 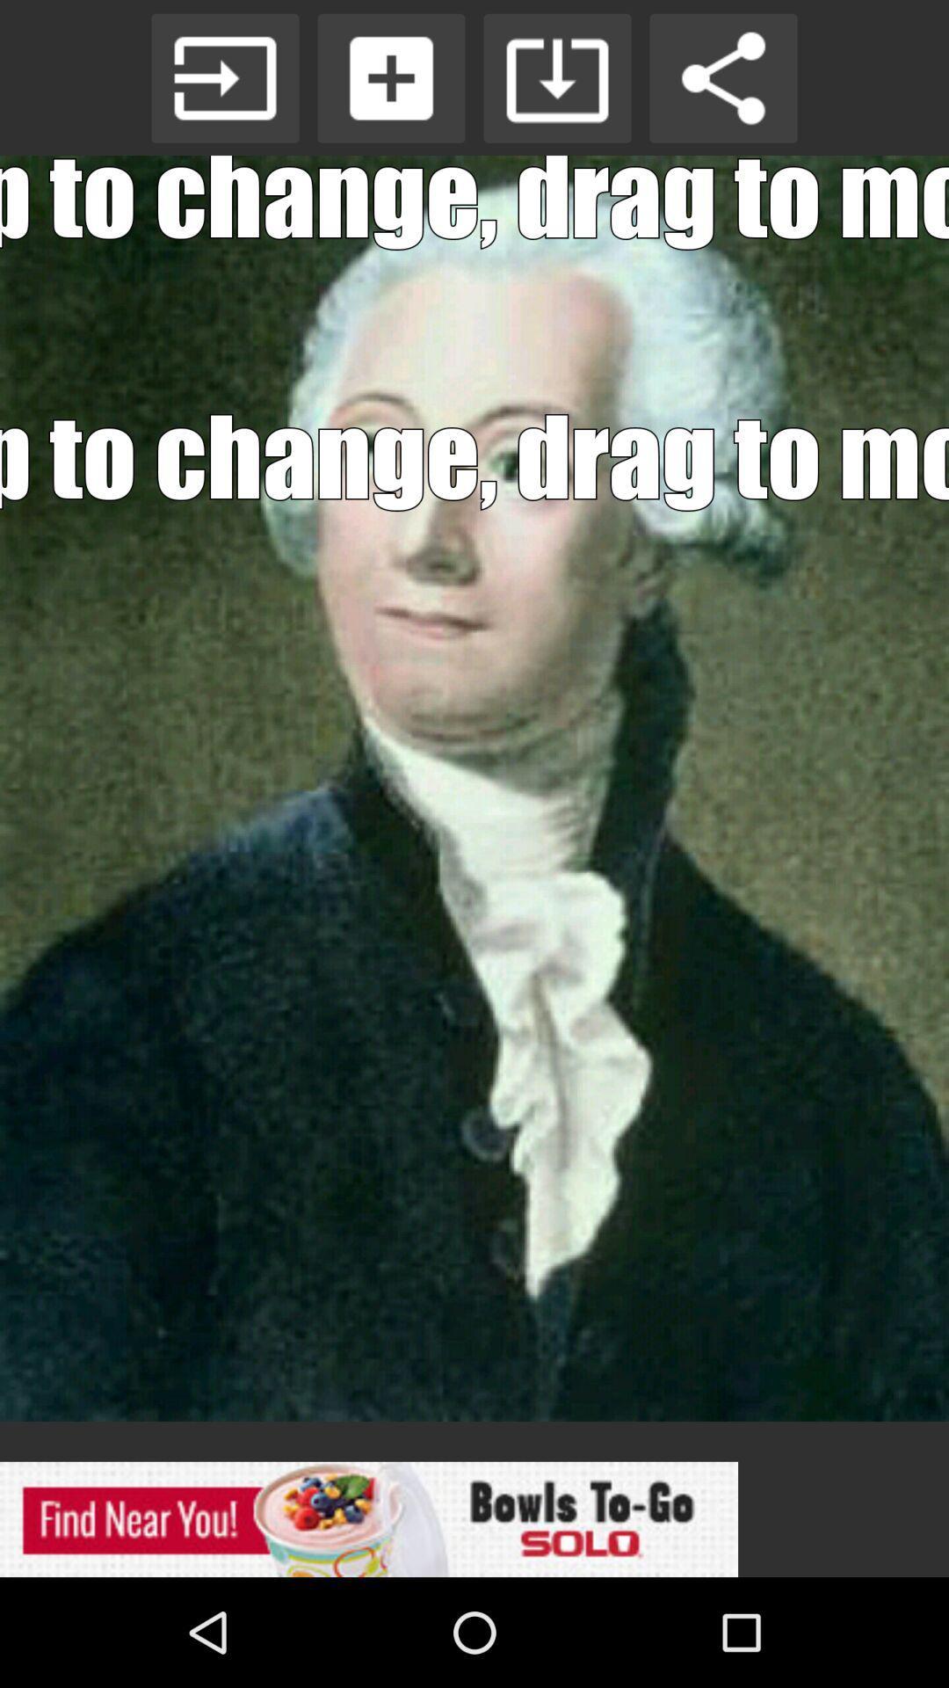 What do you see at coordinates (390, 77) in the screenshot?
I see `the add icon` at bounding box center [390, 77].